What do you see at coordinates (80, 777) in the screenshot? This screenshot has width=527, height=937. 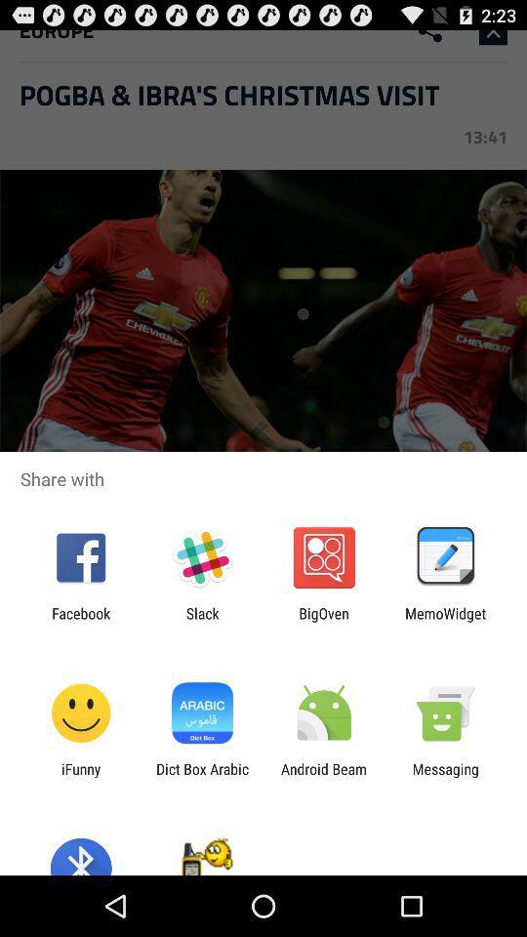 I see `the icon next to dict box arabic app` at bounding box center [80, 777].